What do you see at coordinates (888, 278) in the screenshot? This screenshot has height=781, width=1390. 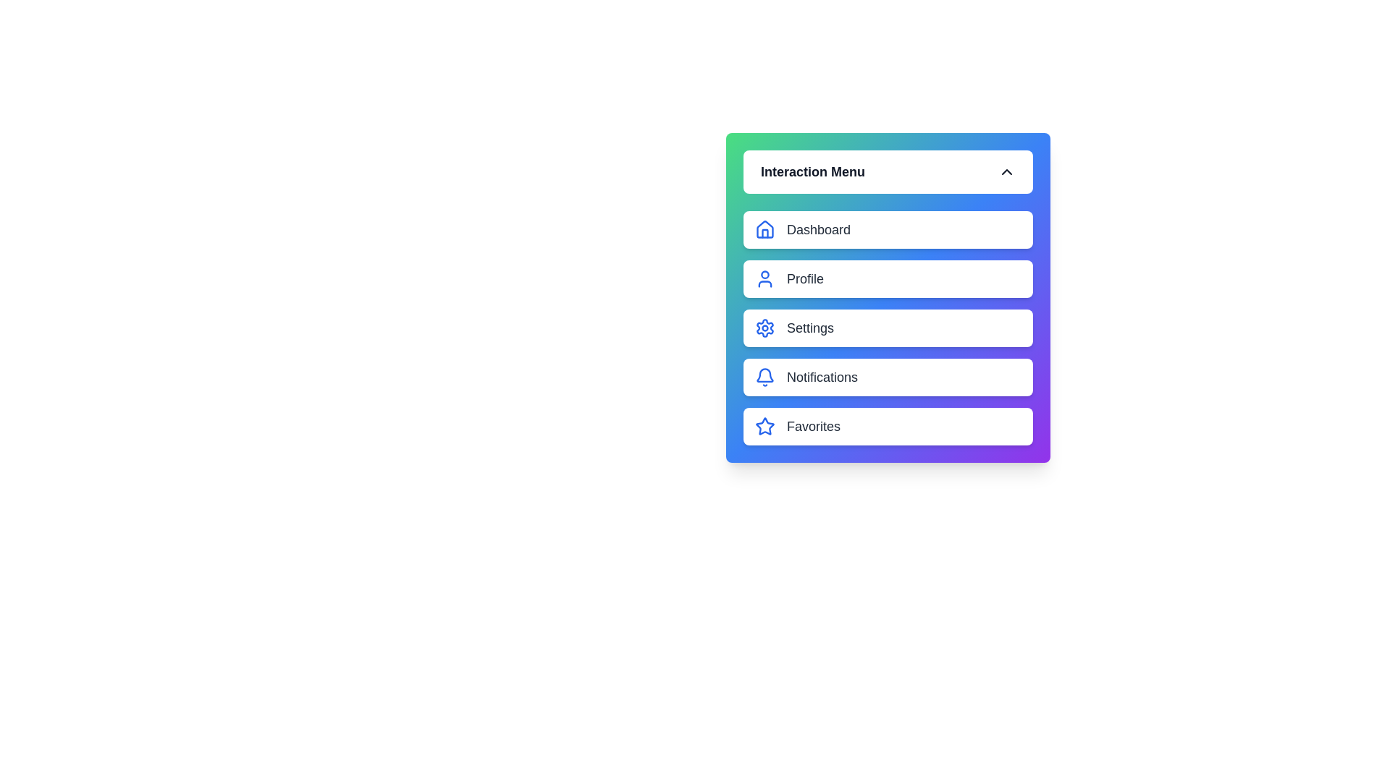 I see `the menu item Profile` at bounding box center [888, 278].